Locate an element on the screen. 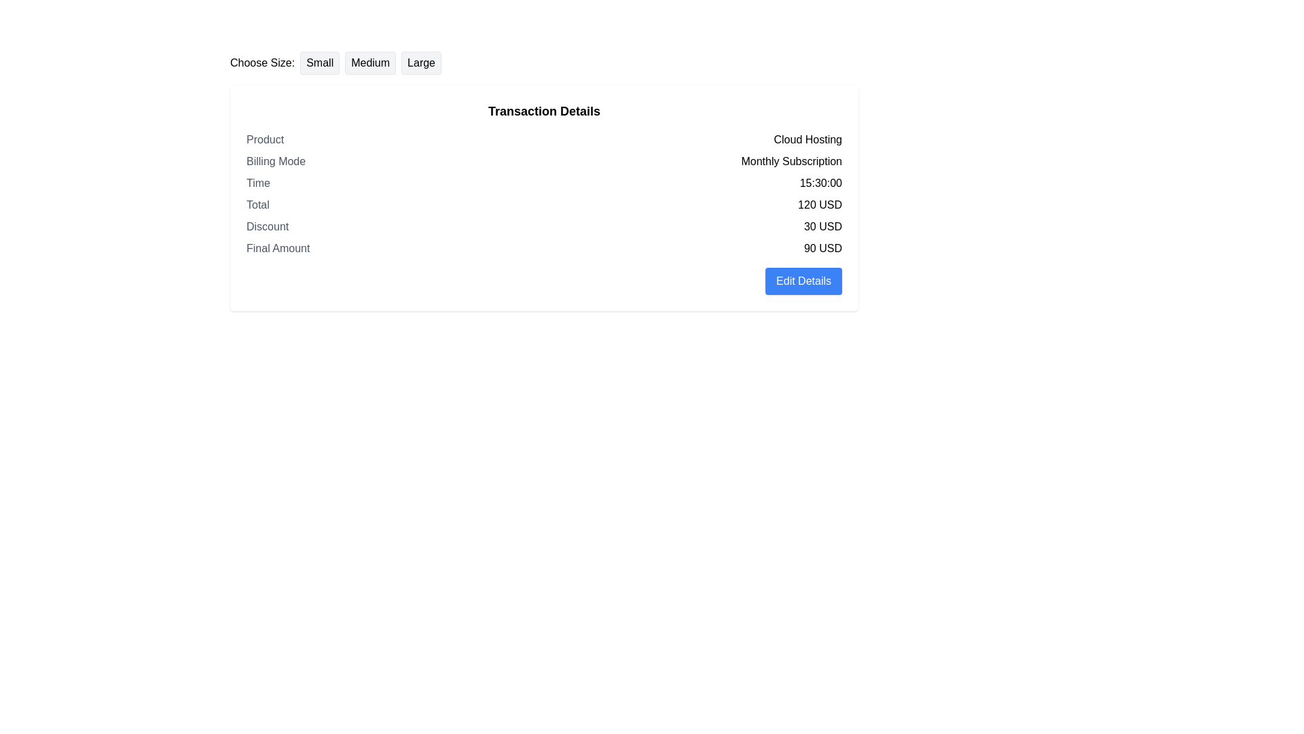  the 'Edit Details' button located at the bottom right corner of the transaction details card is located at coordinates (803, 280).